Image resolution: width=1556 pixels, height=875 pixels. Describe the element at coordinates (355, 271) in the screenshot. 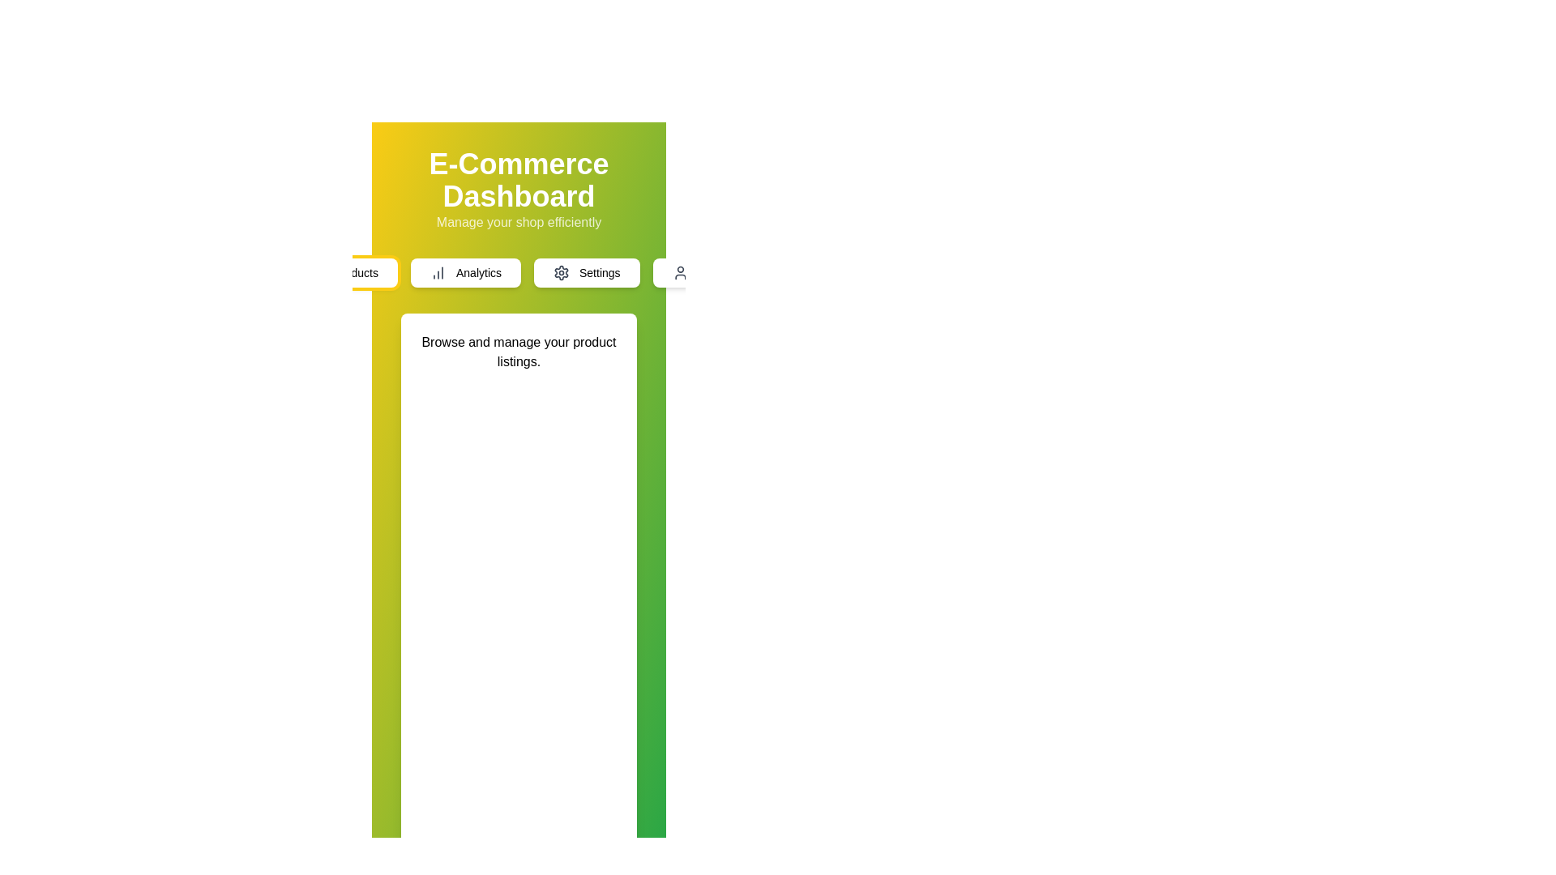

I see `text of the label indicating the action or category associated with the 'Products' section, located within the leftmost button of a horizontal button group near the top left of the application` at that location.